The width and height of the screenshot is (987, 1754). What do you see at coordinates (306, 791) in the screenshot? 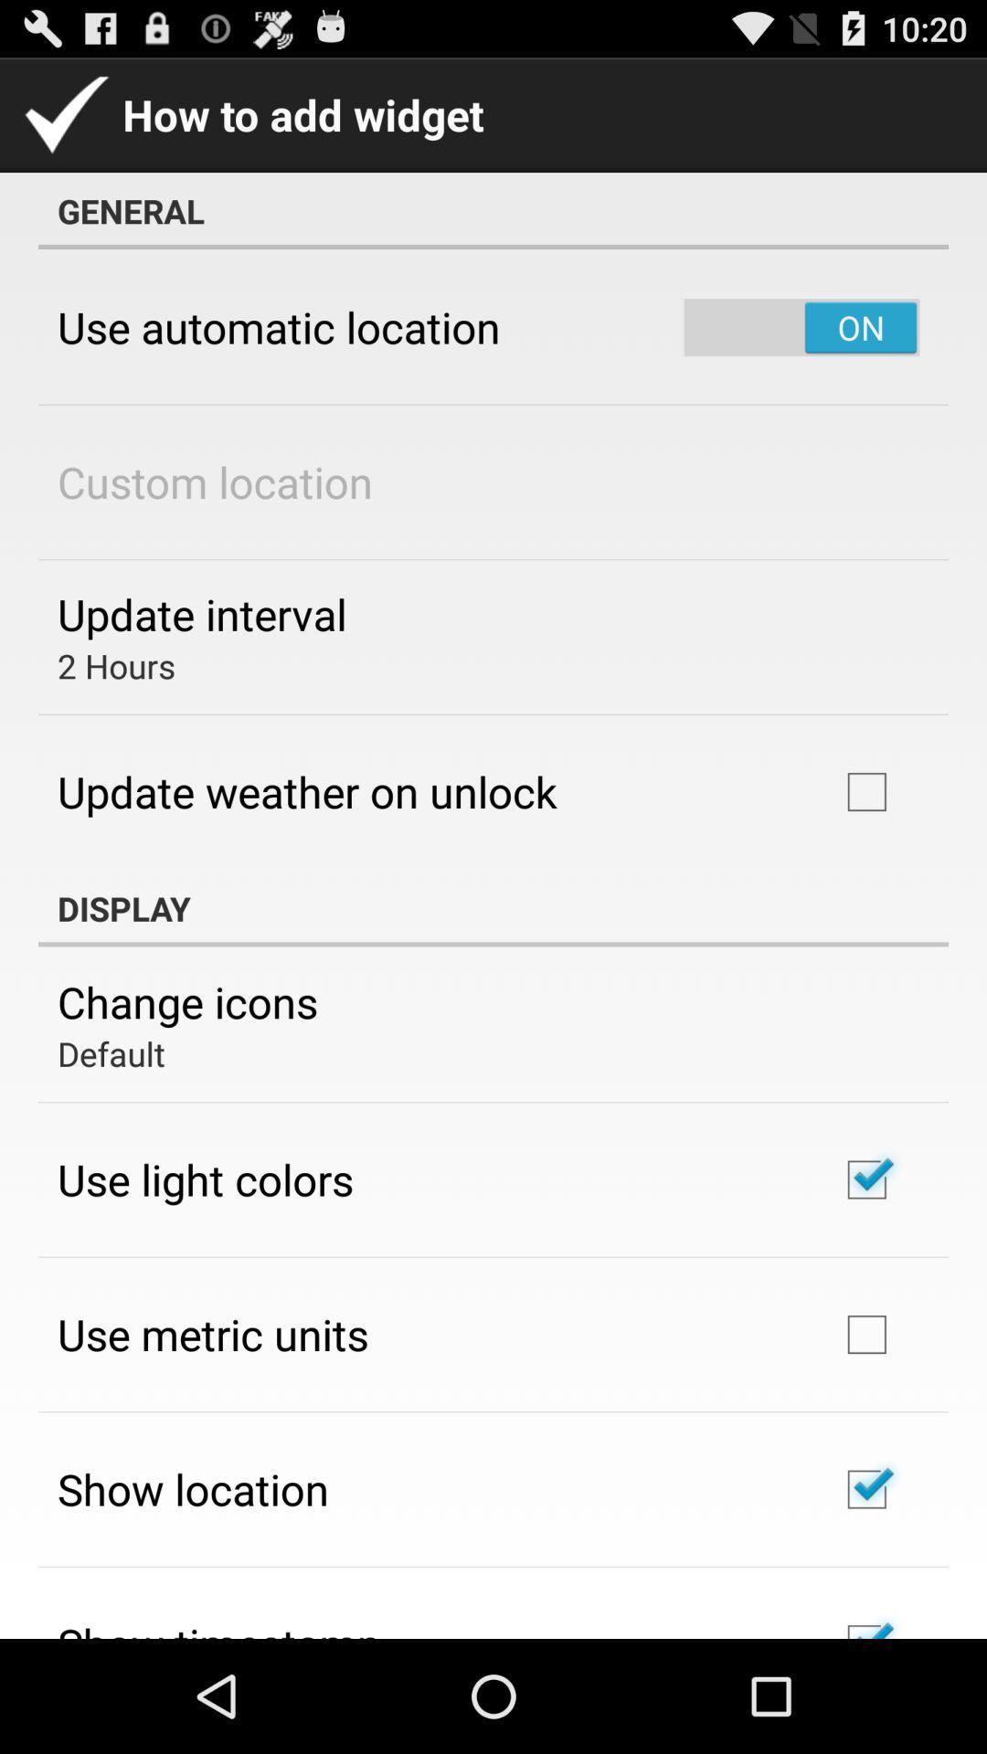
I see `the icon above display item` at bounding box center [306, 791].